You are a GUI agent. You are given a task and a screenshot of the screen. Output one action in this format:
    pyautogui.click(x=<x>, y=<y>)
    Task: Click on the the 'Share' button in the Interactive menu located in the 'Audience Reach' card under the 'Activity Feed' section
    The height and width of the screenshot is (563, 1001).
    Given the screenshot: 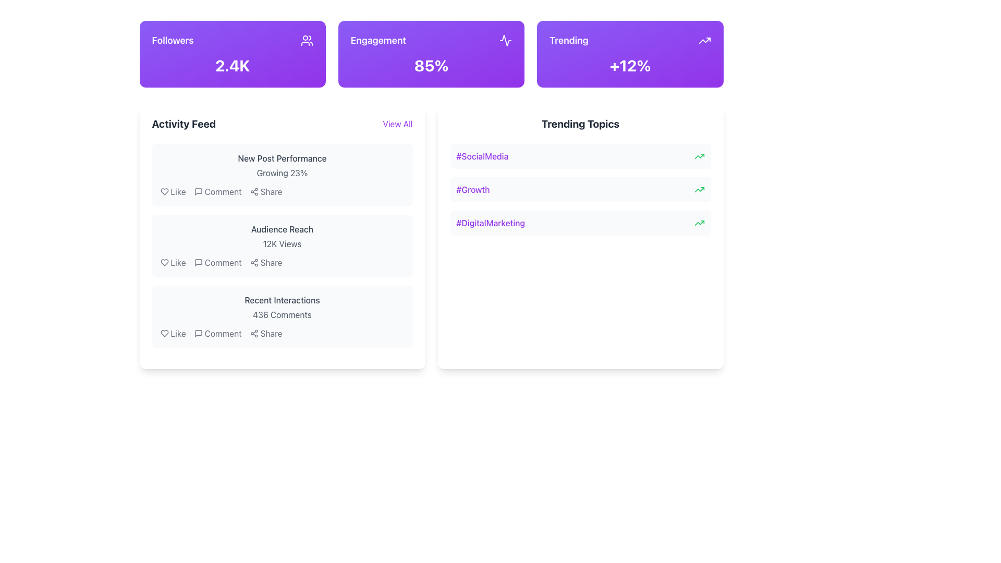 What is the action you would take?
    pyautogui.click(x=282, y=262)
    